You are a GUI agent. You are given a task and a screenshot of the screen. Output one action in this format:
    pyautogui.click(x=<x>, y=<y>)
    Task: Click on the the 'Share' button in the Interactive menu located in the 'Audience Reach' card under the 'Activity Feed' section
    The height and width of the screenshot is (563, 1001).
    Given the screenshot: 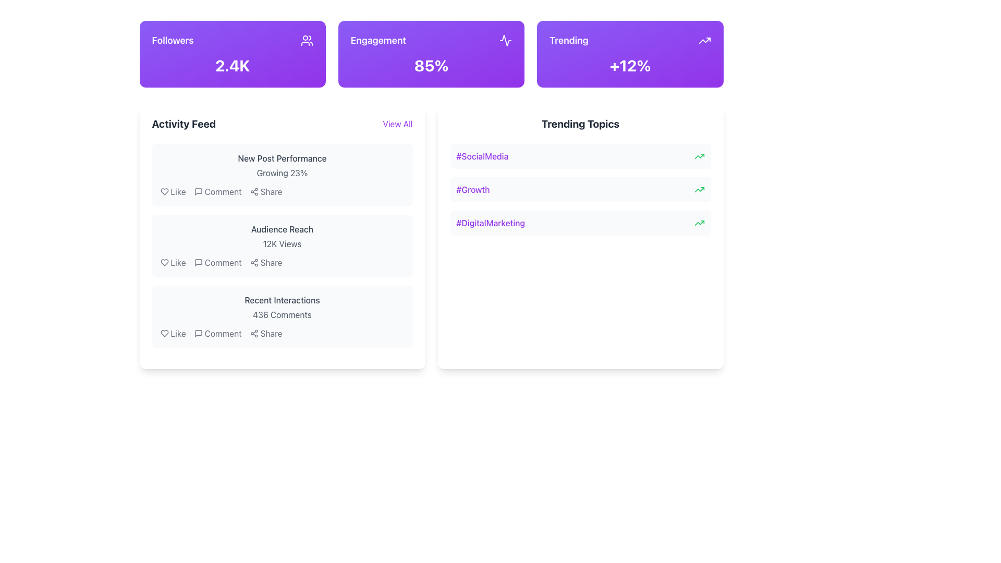 What is the action you would take?
    pyautogui.click(x=282, y=262)
    